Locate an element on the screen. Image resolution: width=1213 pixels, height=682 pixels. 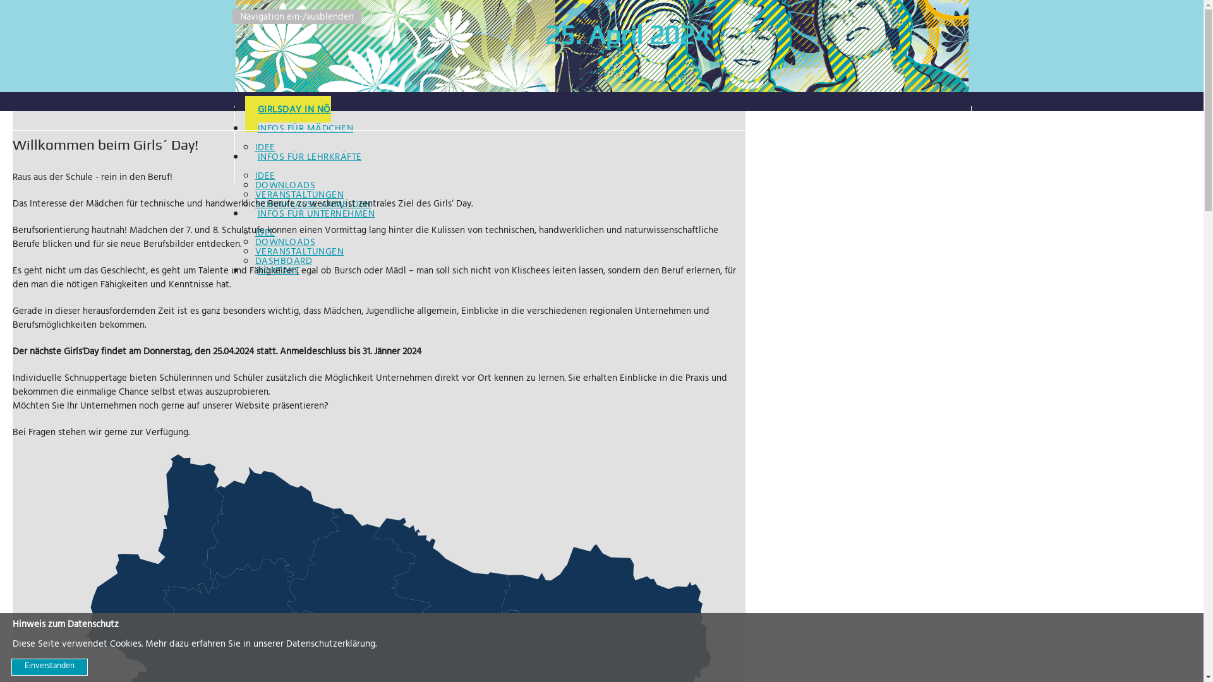
'VERANSTALTUNGEN' is located at coordinates (299, 196).